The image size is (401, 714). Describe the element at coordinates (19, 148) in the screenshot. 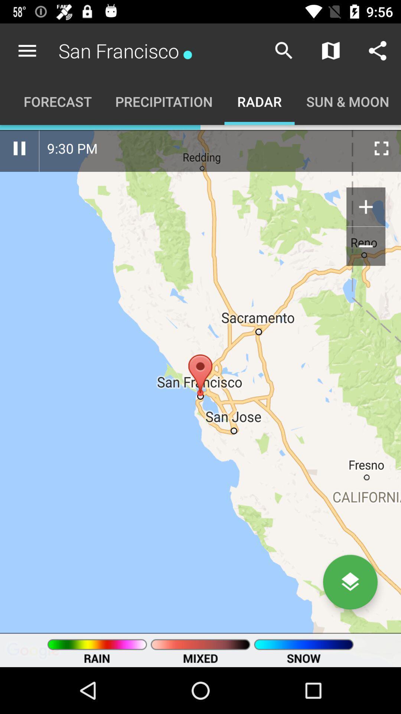

I see `the pause icon` at that location.